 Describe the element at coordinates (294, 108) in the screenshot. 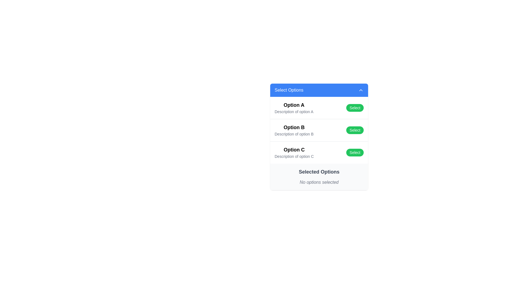

I see `the first informational block titled 'Option A' with a description 'Description of option A', located under the 'Select Options' header` at that location.